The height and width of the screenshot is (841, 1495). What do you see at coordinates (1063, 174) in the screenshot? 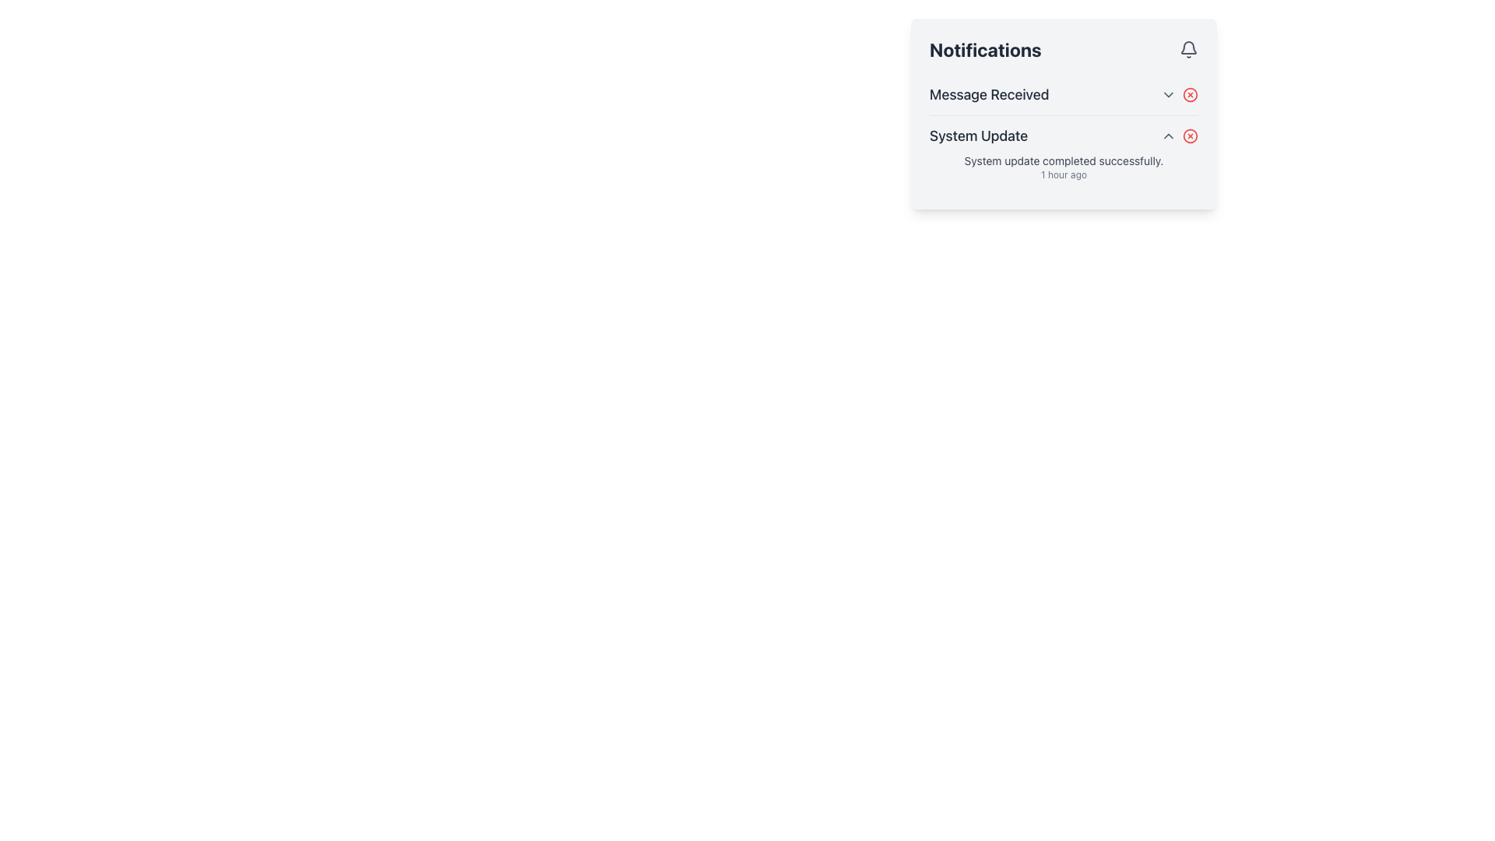
I see `the timestamp text label that indicates when the 'System Update' notification occurred` at bounding box center [1063, 174].